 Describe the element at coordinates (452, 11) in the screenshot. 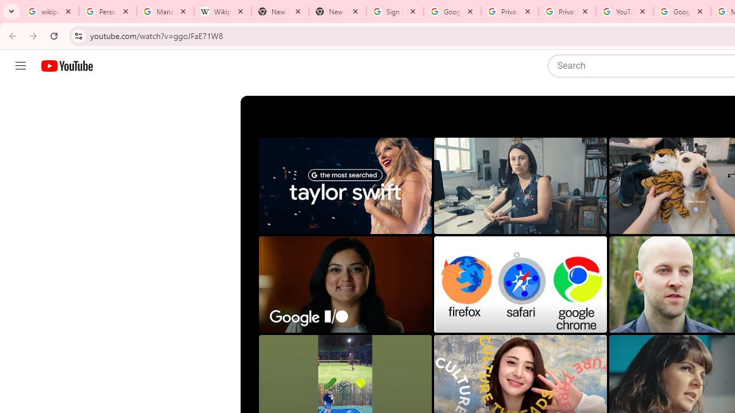

I see `'Google Drive: Sign-in'` at that location.